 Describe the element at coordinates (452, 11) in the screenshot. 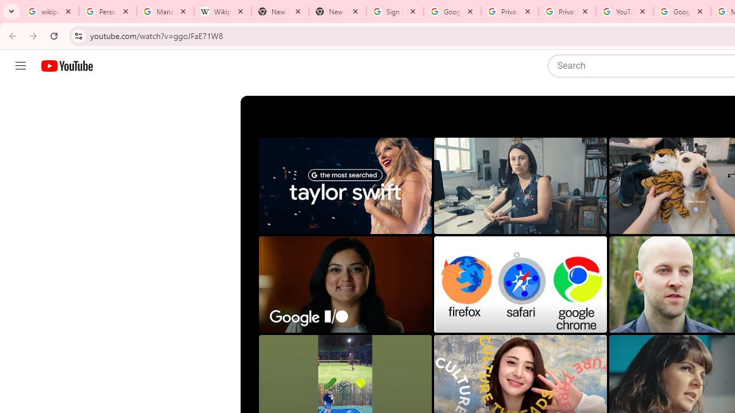

I see `'Google Drive: Sign-in'` at that location.